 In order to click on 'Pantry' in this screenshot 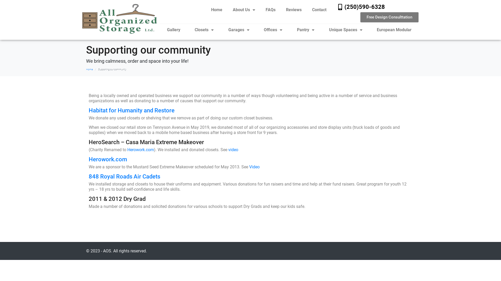, I will do `click(306, 30)`.